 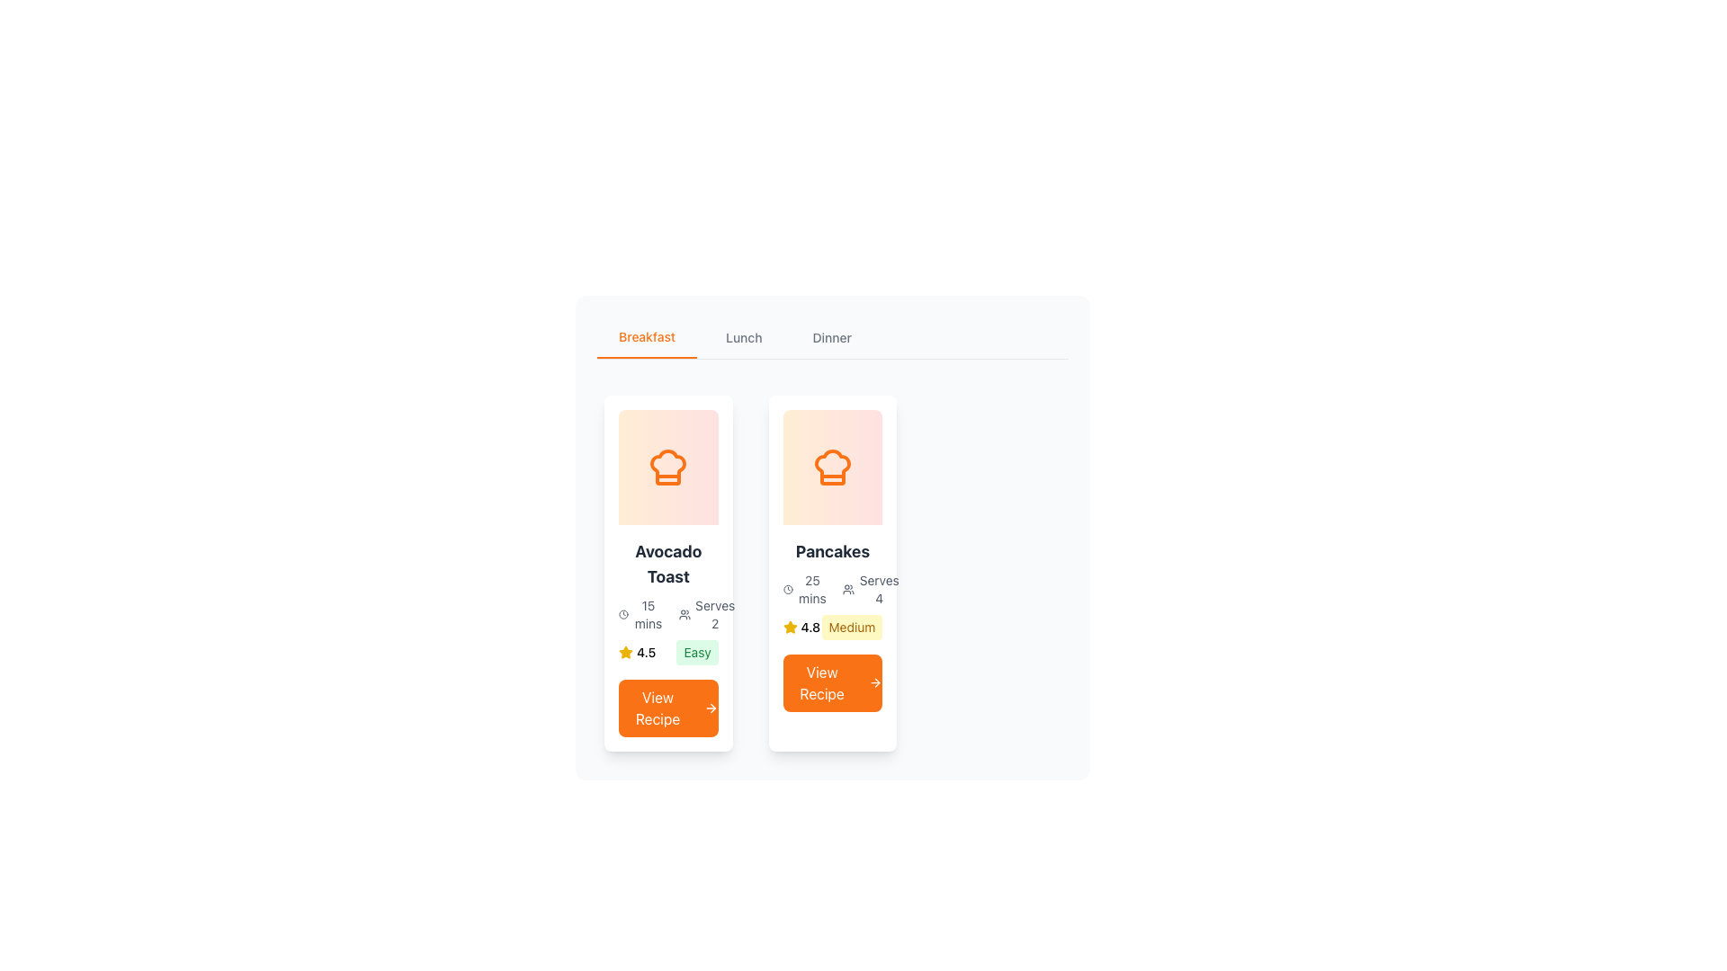 I want to click on the middle tab in the navigation bar to switch to the lunch content, which is positioned between the 'Breakfast' and 'Dinner' tabs, so click(x=744, y=337).